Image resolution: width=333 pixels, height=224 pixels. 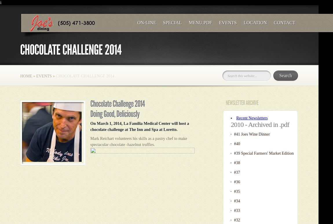 I want to click on 'On-LIne', so click(x=137, y=22).